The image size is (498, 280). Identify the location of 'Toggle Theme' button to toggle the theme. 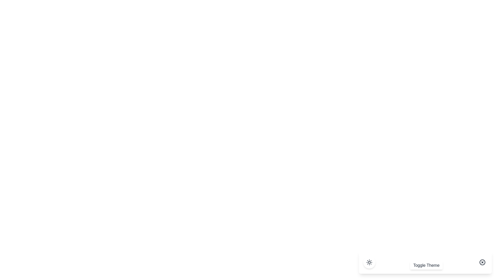
(426, 265).